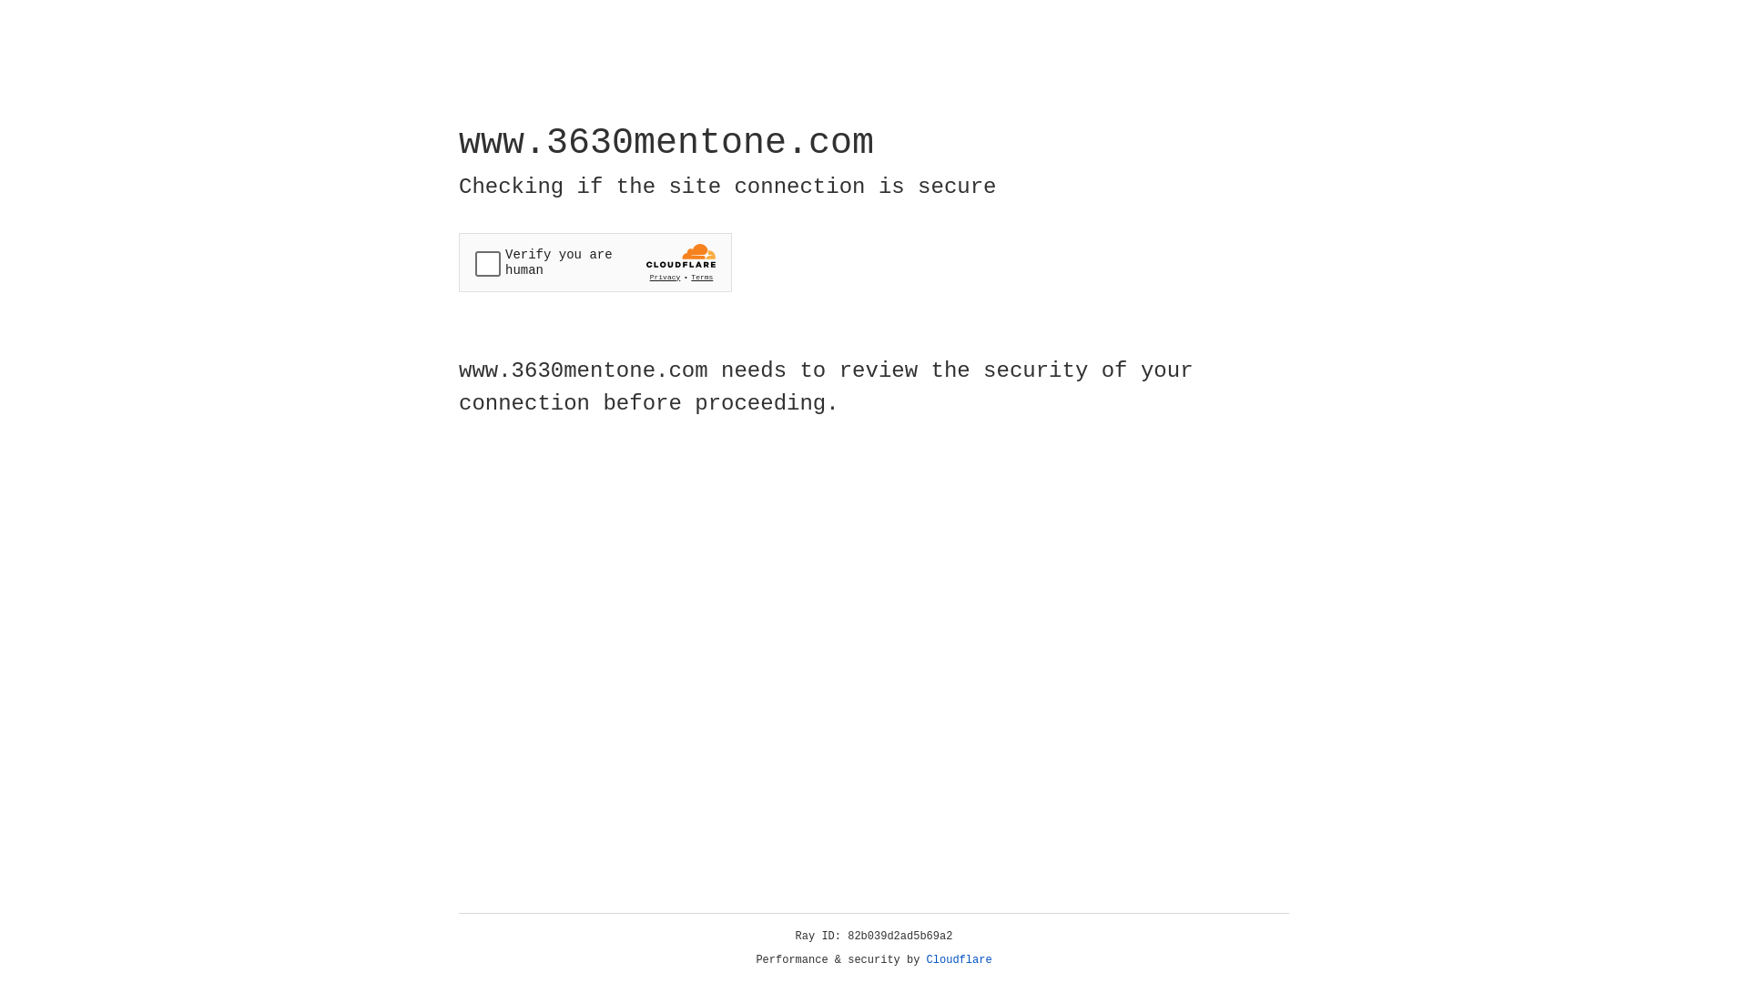 This screenshot has width=1748, height=983. I want to click on 'Cloudflare', so click(959, 959).